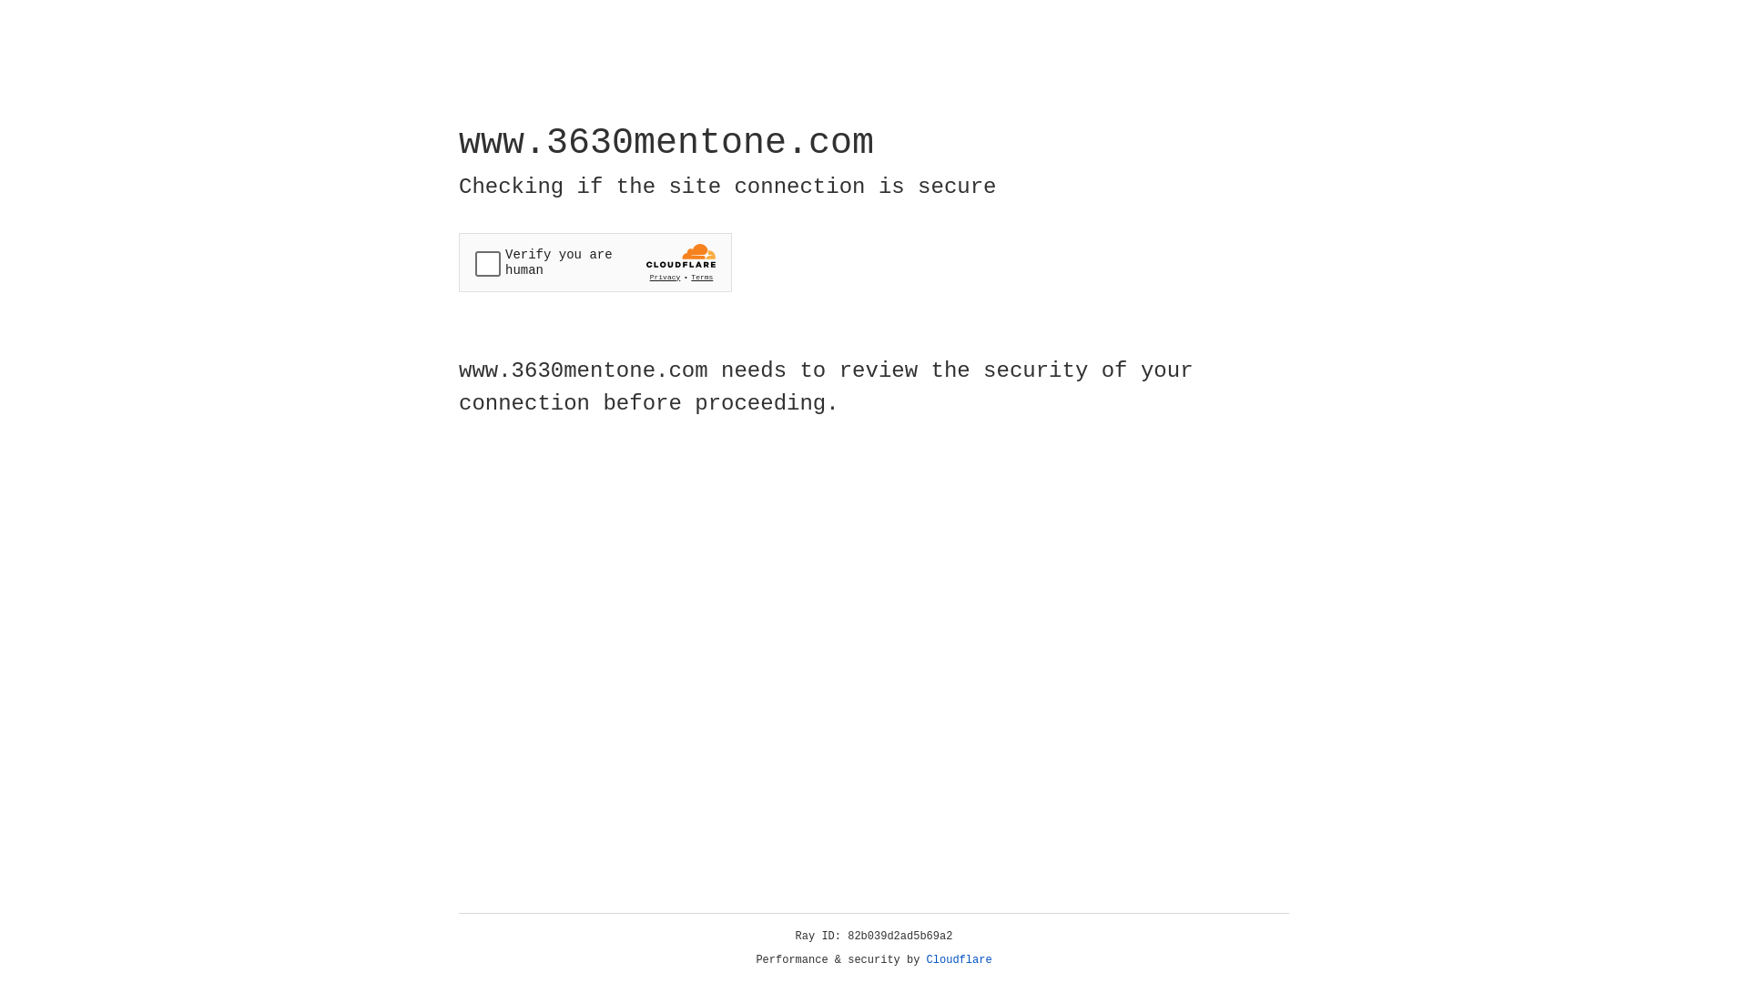 This screenshot has width=1748, height=983. I want to click on 'Cloudflare', so click(959, 959).